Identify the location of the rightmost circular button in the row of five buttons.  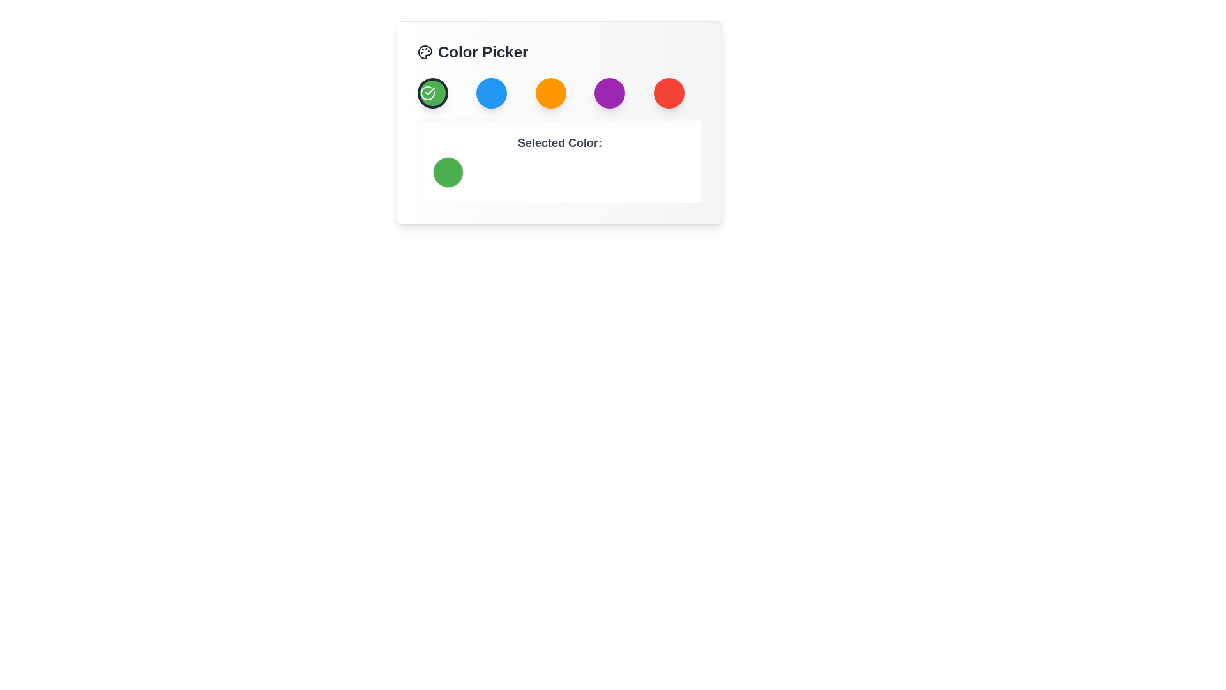
(668, 93).